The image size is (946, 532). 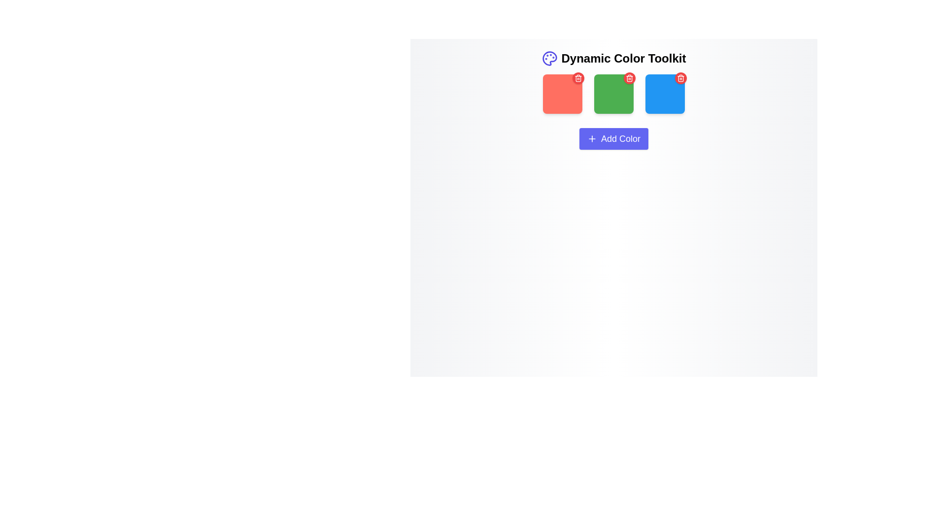 What do you see at coordinates (578, 77) in the screenshot?
I see `the trash can icon with a red background located in the top-right corner of the green square card for interaction` at bounding box center [578, 77].